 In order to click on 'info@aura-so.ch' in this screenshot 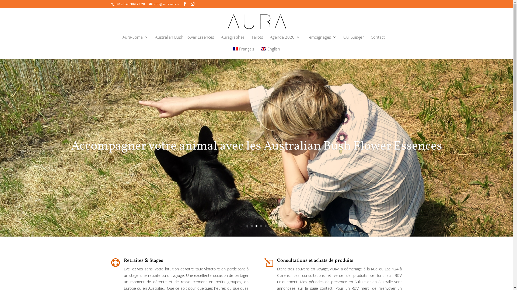, I will do `click(164, 4)`.